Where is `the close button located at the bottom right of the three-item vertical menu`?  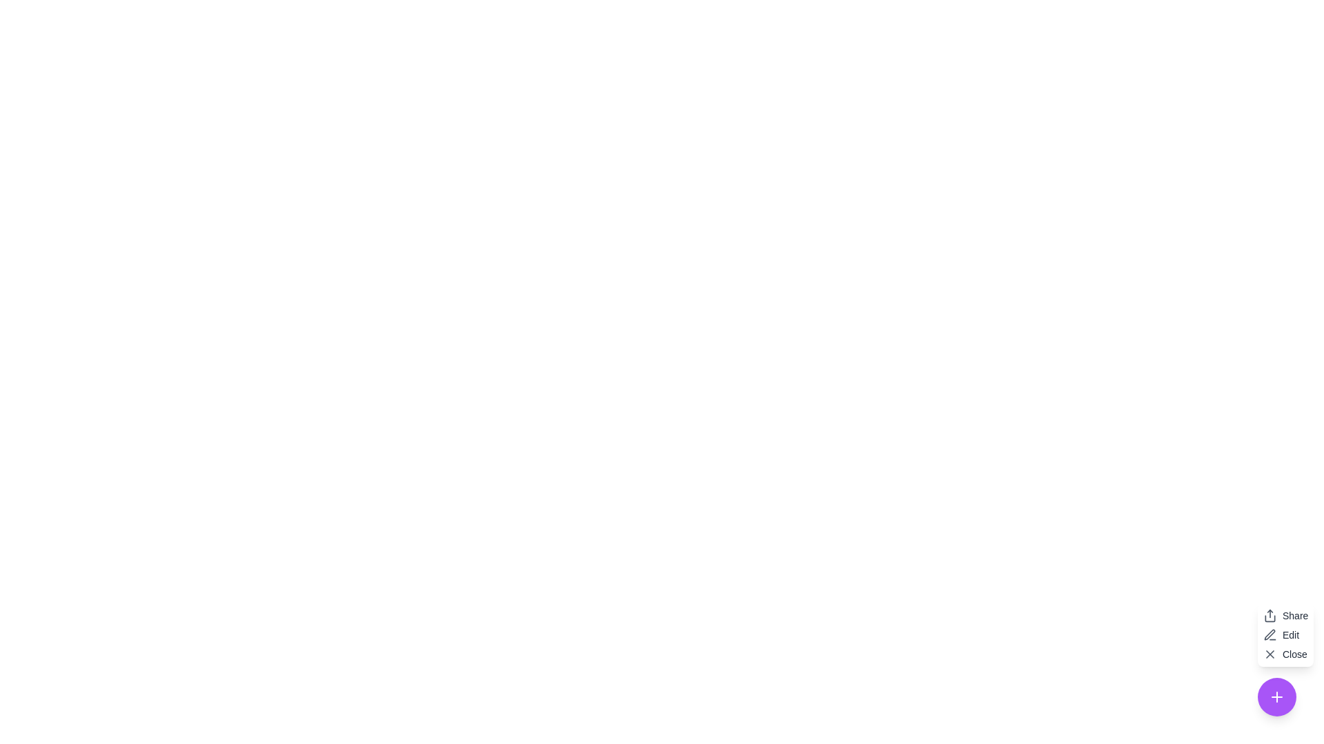 the close button located at the bottom right of the three-item vertical menu is located at coordinates (1285, 653).